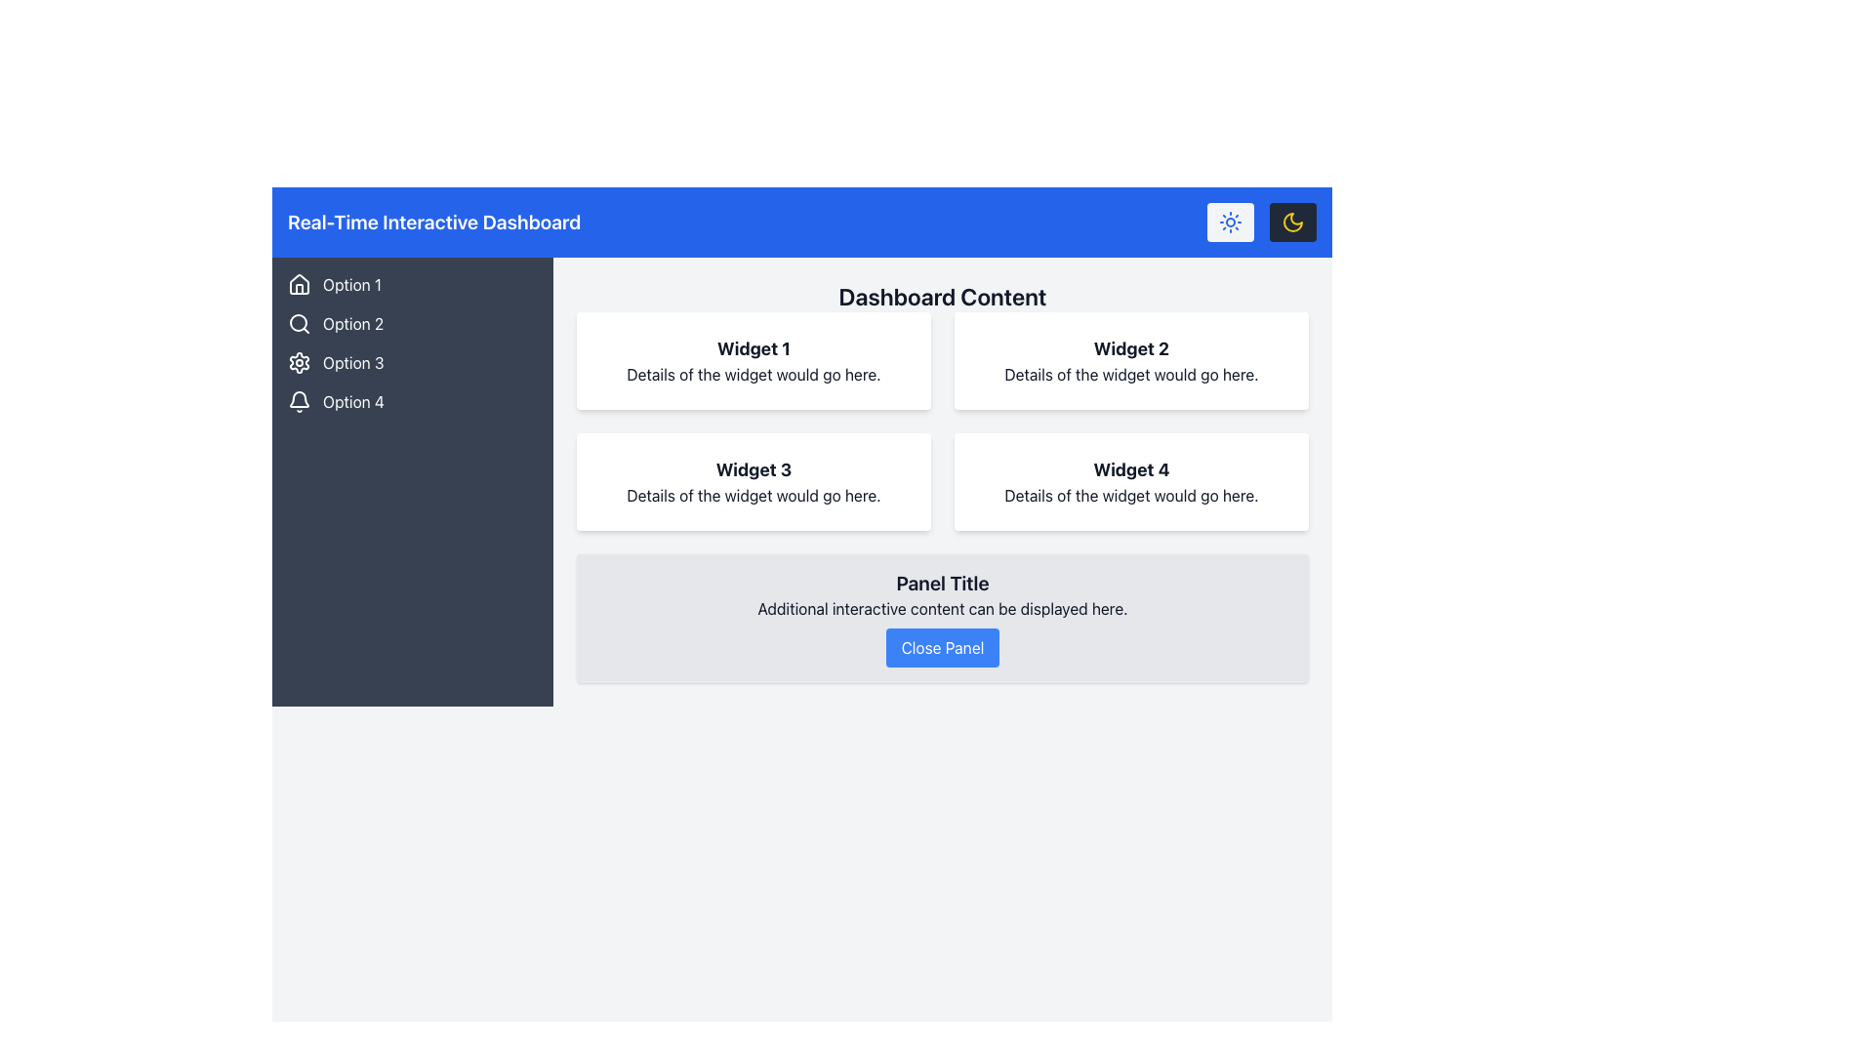 This screenshot has height=1054, width=1874. What do you see at coordinates (411, 342) in the screenshot?
I see `the first option in the vertical navigation list located on the left side of the panel, which has a dark gray background` at bounding box center [411, 342].